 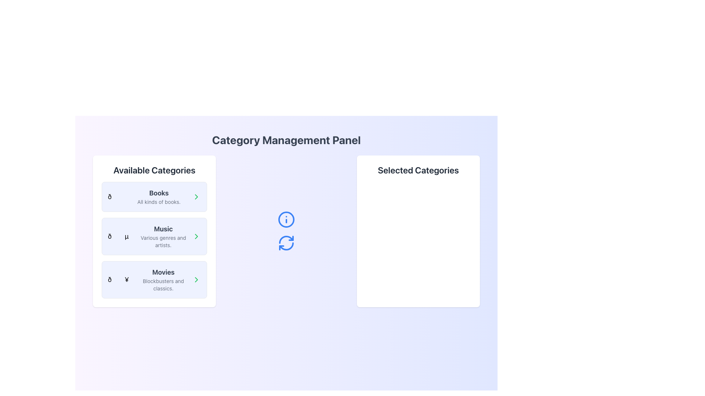 What do you see at coordinates (149, 280) in the screenshot?
I see `the 'Movies' category list item in the 'Available Categories' section` at bounding box center [149, 280].